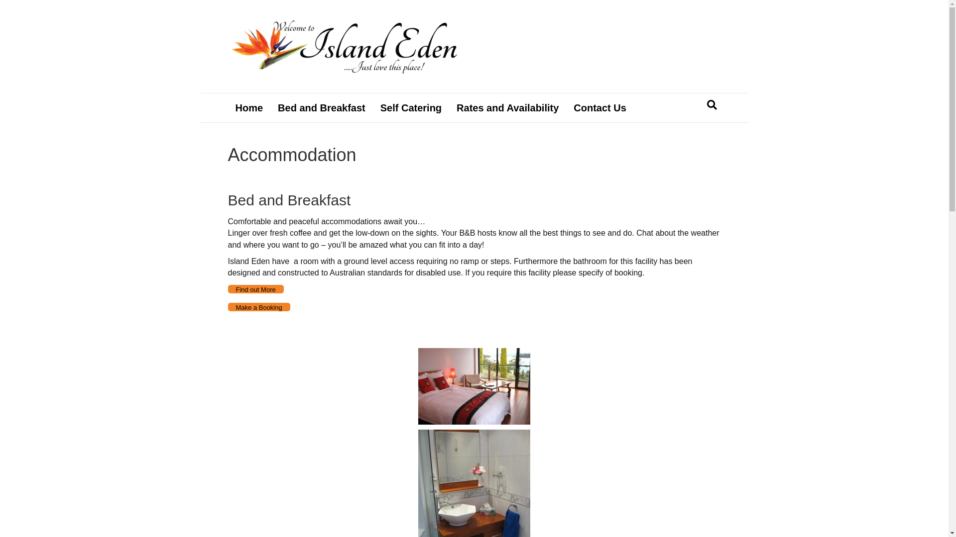  I want to click on 'Self Catering', so click(411, 107).